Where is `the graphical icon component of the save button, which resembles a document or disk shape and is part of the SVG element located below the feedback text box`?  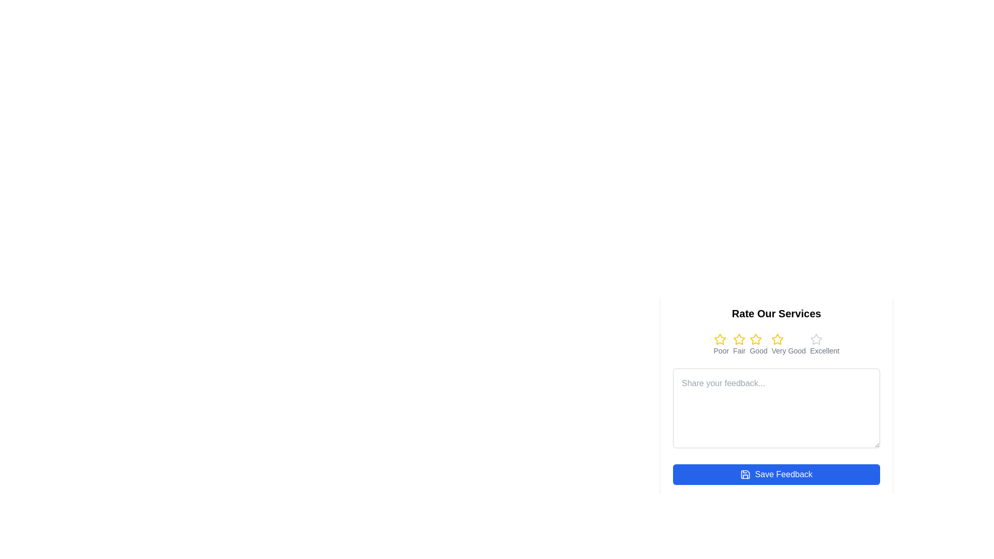 the graphical icon component of the save button, which resembles a document or disk shape and is part of the SVG element located below the feedback text box is located at coordinates (745, 475).